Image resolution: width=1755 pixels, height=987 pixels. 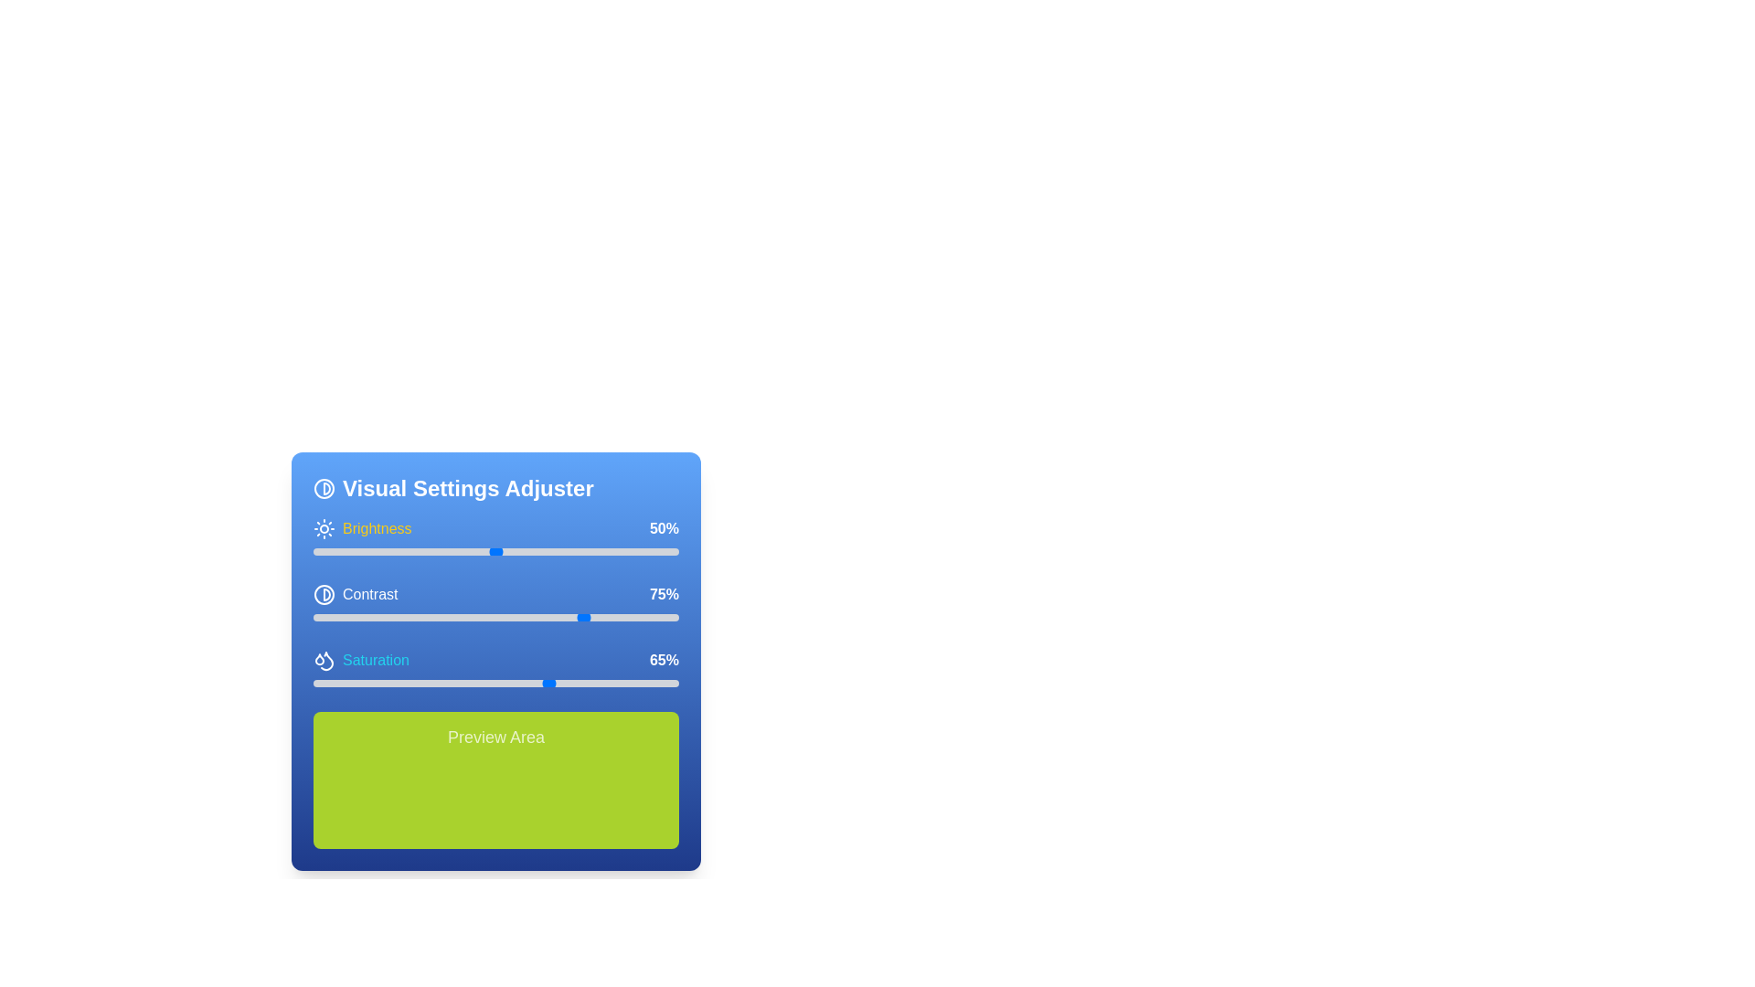 What do you see at coordinates (572, 617) in the screenshot?
I see `the contrast value` at bounding box center [572, 617].